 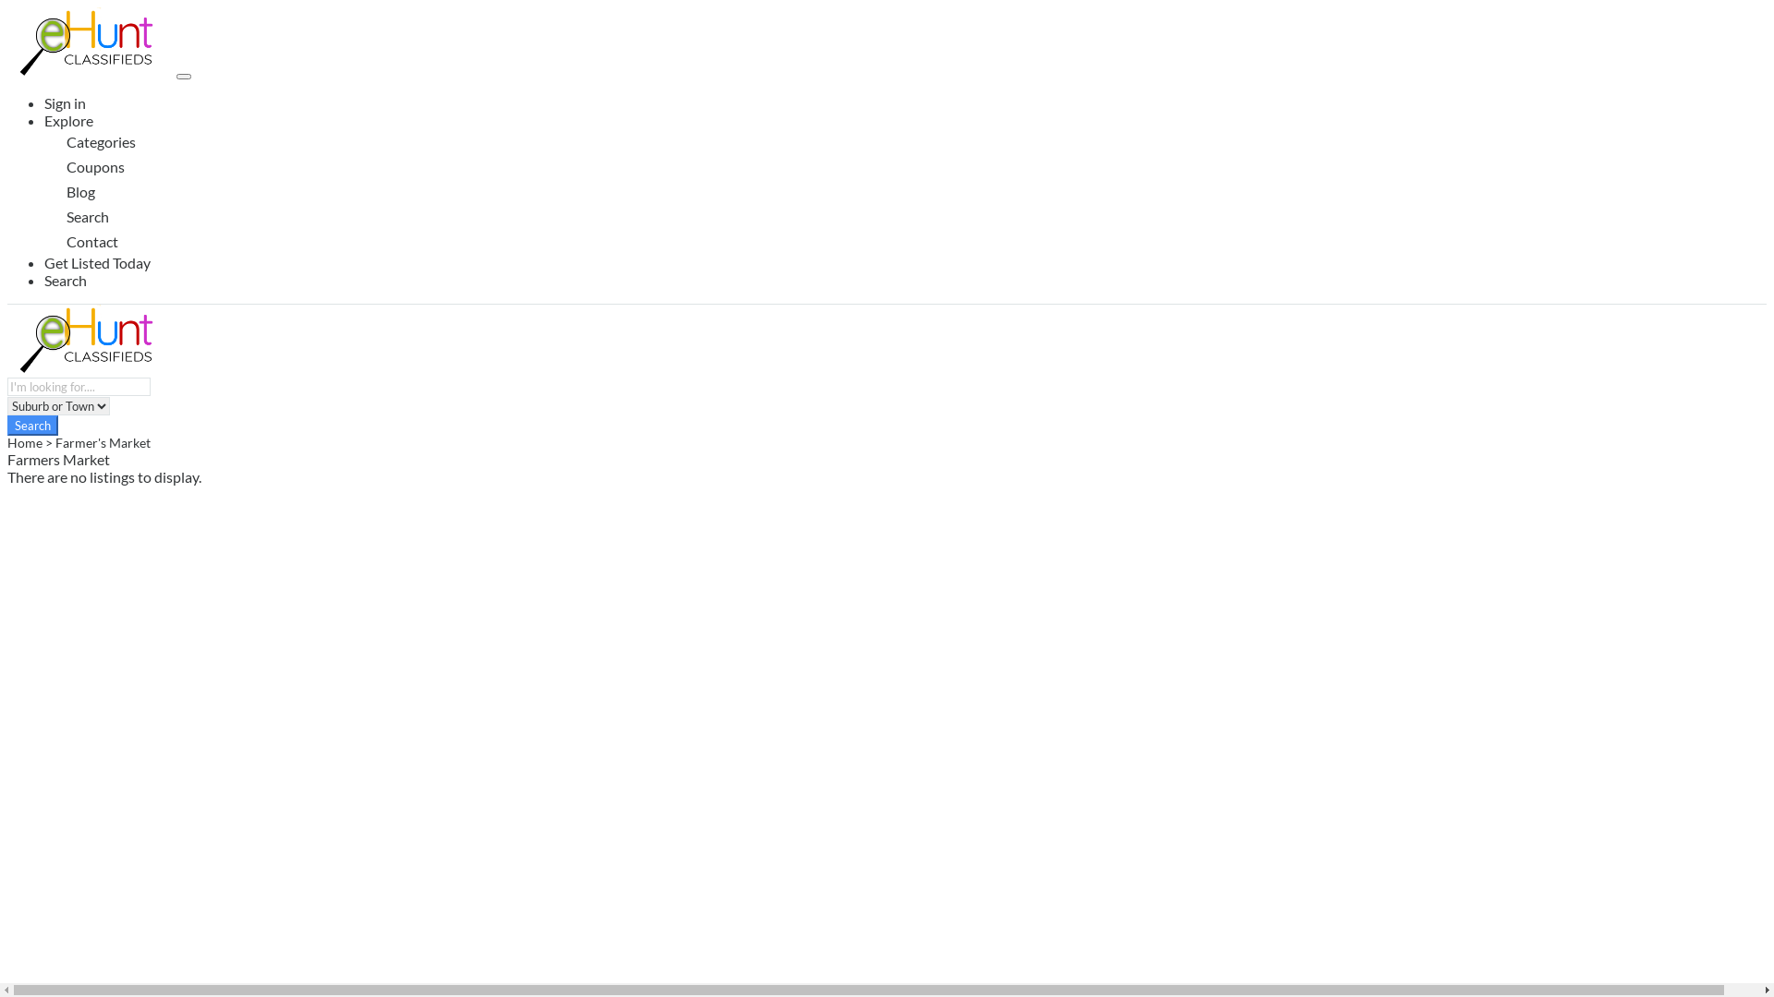 I want to click on 'Explore', so click(x=44, y=120).